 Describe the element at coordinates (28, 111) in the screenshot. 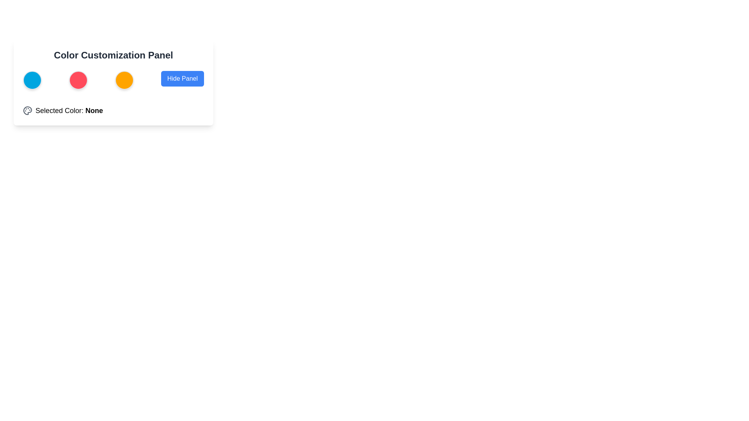

I see `the color palette icon located at the leftmost side of the 'Selected Color' label in the Color Customization Panel` at that location.